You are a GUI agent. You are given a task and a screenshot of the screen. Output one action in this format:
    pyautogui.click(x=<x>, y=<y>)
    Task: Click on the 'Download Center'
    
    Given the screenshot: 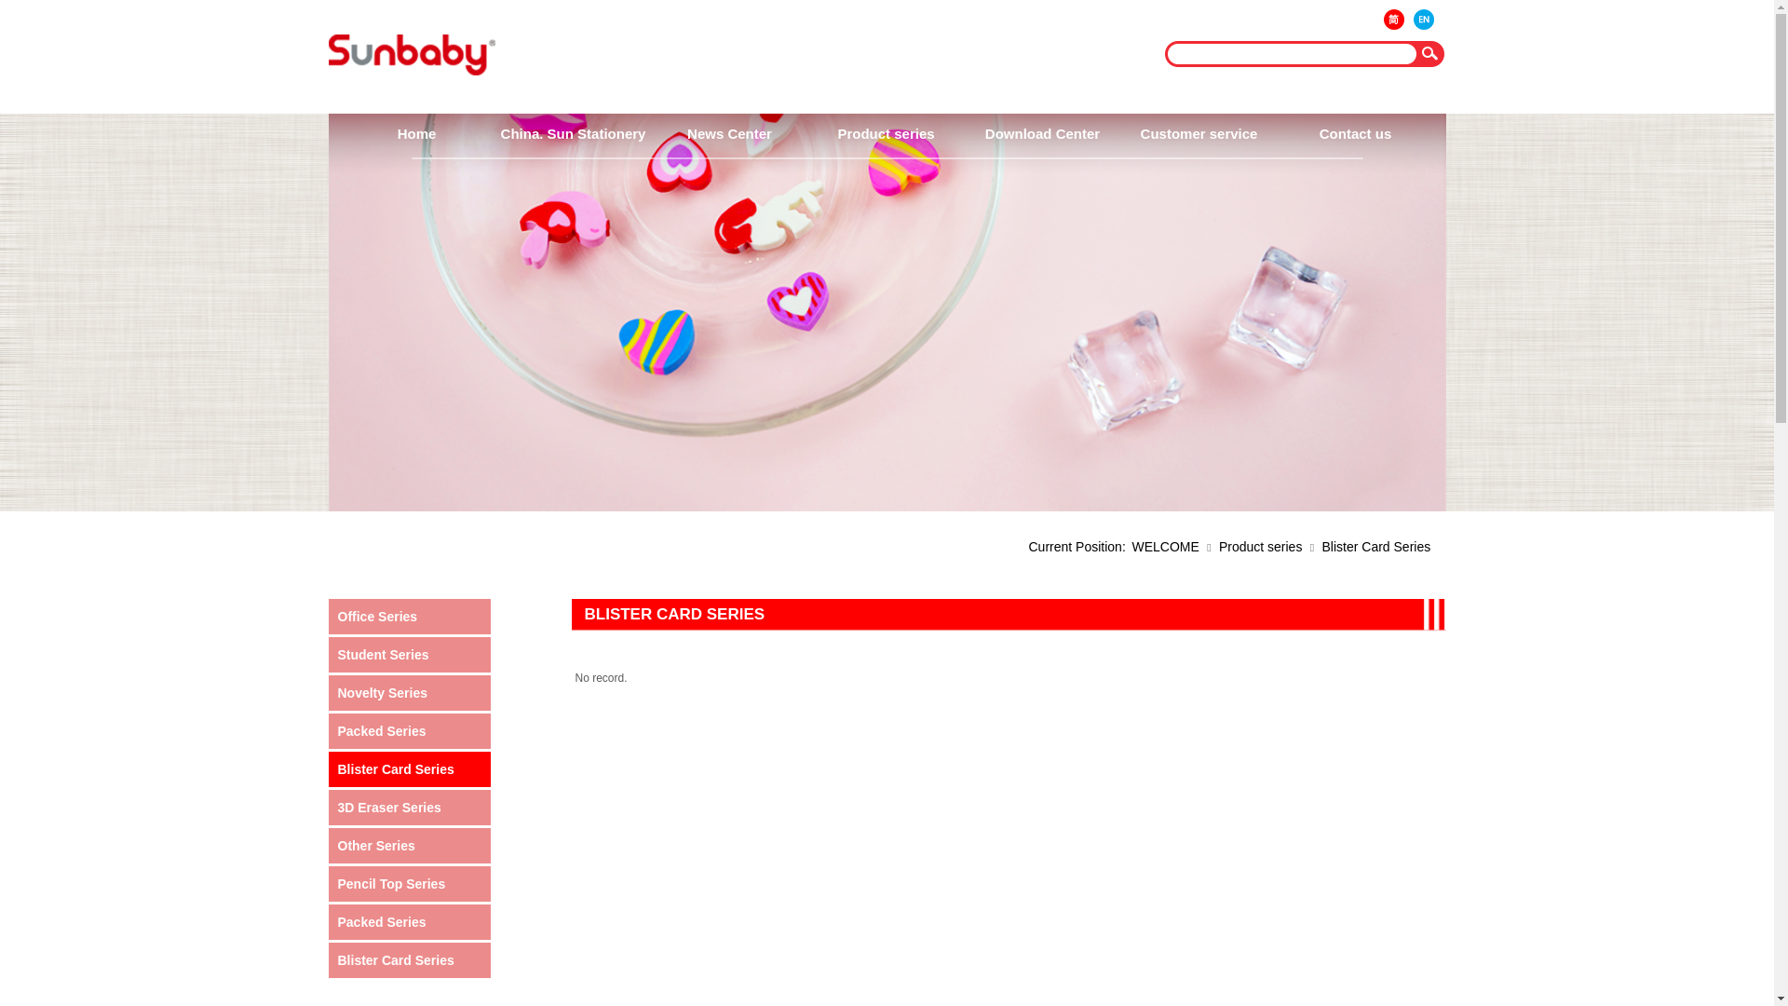 What is the action you would take?
    pyautogui.click(x=1040, y=132)
    